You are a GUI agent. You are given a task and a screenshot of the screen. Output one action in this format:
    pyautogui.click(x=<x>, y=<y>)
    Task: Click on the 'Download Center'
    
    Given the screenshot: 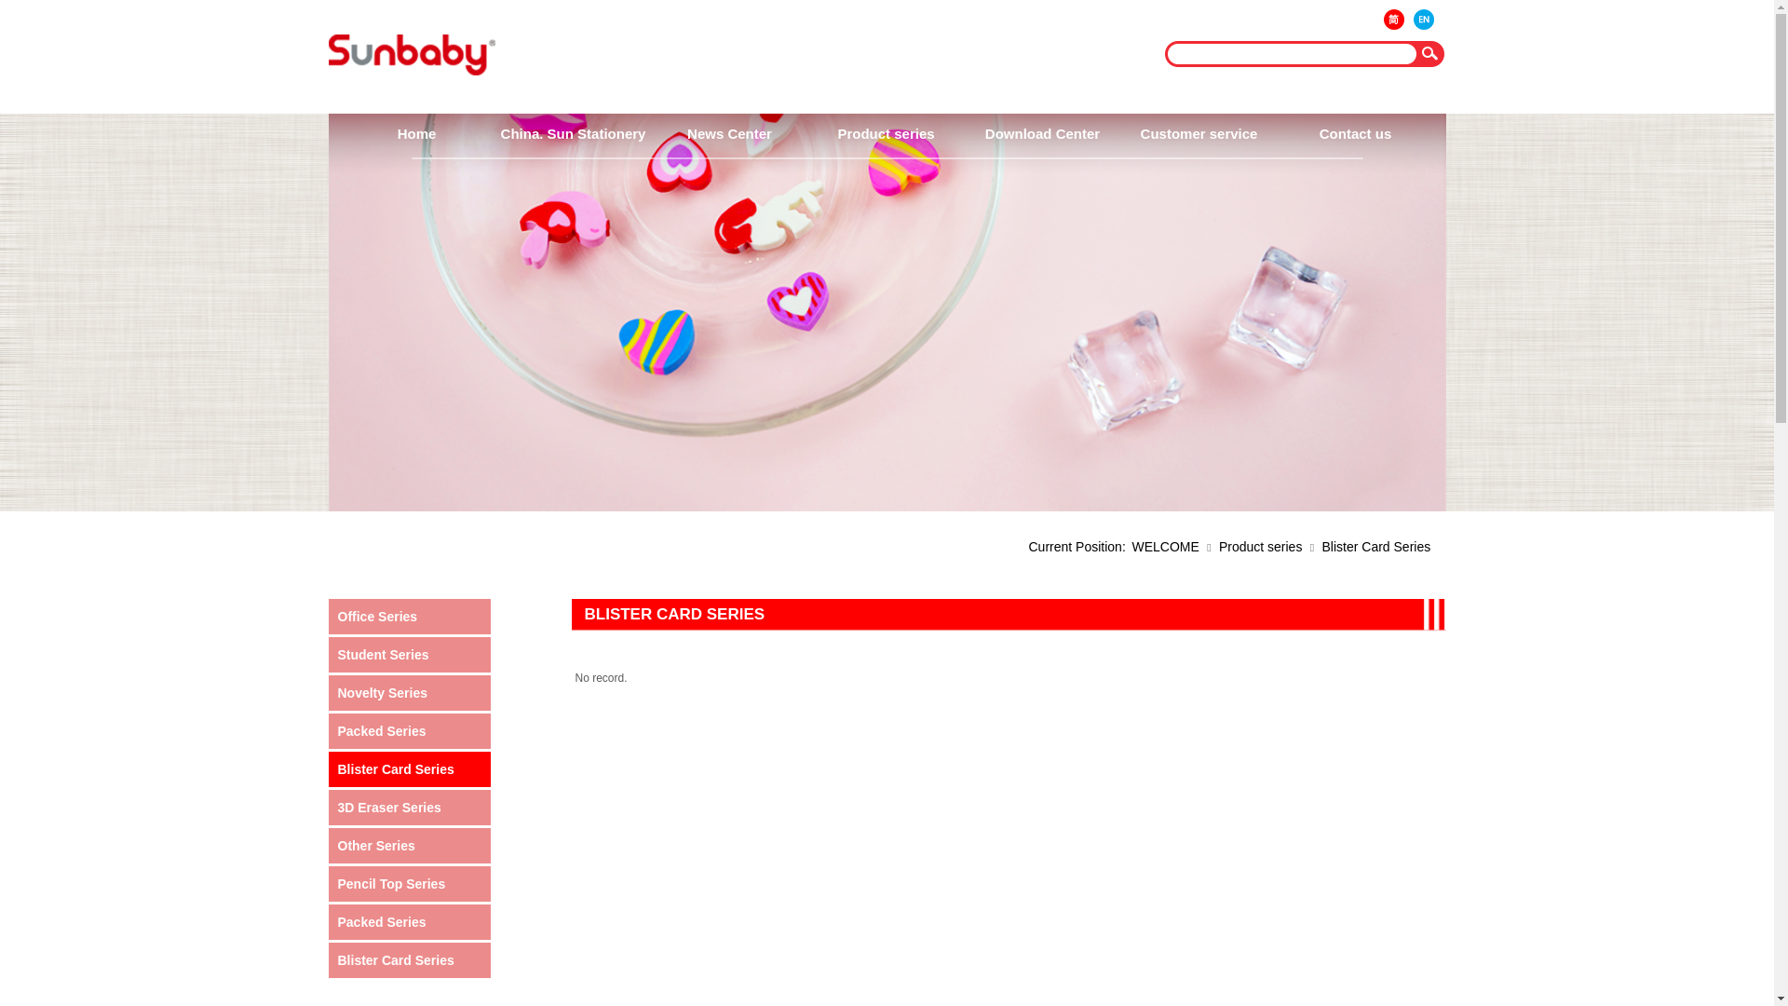 What is the action you would take?
    pyautogui.click(x=1040, y=132)
    